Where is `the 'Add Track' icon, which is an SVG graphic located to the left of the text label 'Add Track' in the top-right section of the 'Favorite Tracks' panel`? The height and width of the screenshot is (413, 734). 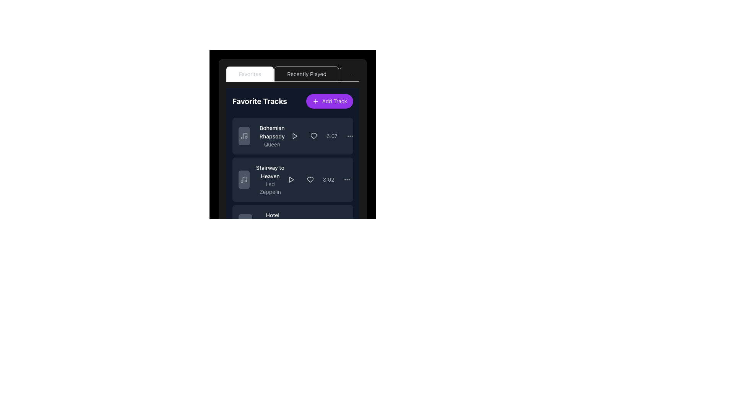
the 'Add Track' icon, which is an SVG graphic located to the left of the text label 'Add Track' in the top-right section of the 'Favorite Tracks' panel is located at coordinates (315, 101).